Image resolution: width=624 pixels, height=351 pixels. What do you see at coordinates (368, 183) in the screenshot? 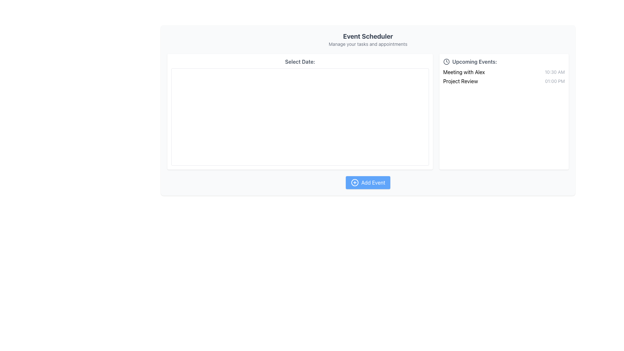
I see `the 'Add Event' button, which has a blue background, rounded corners, white text, and a plus icon, located at the bottom center of the 'Event Scheduler' section` at bounding box center [368, 183].